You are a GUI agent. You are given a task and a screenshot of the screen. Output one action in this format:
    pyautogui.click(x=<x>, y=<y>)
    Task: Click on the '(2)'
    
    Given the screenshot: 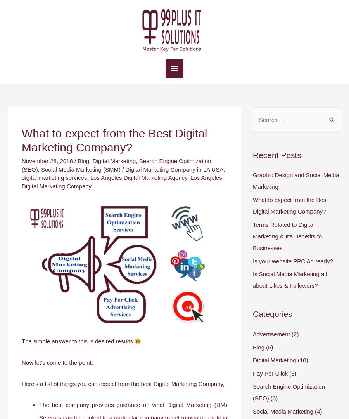 What is the action you would take?
    pyautogui.click(x=289, y=334)
    